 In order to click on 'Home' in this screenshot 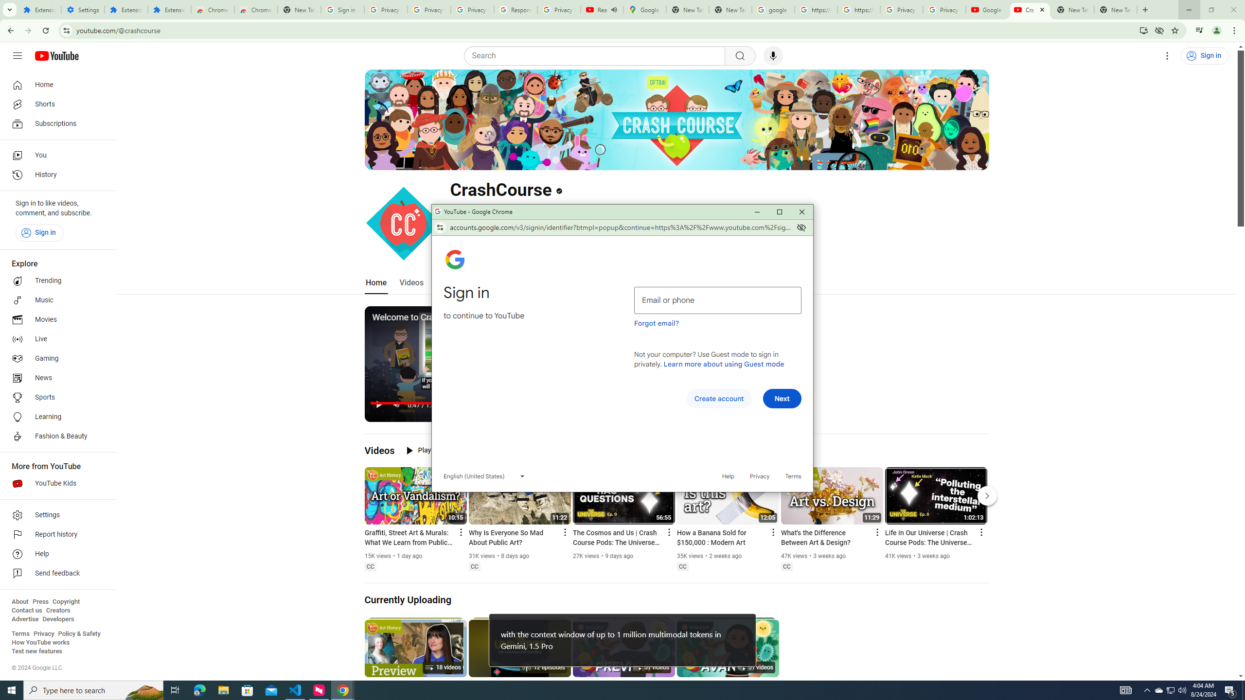, I will do `click(55, 84)`.